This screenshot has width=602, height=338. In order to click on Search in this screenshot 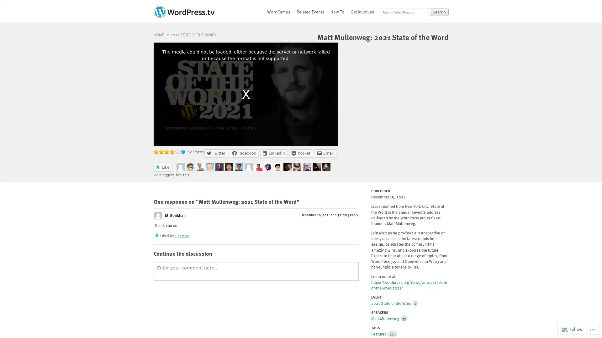, I will do `click(439, 12)`.